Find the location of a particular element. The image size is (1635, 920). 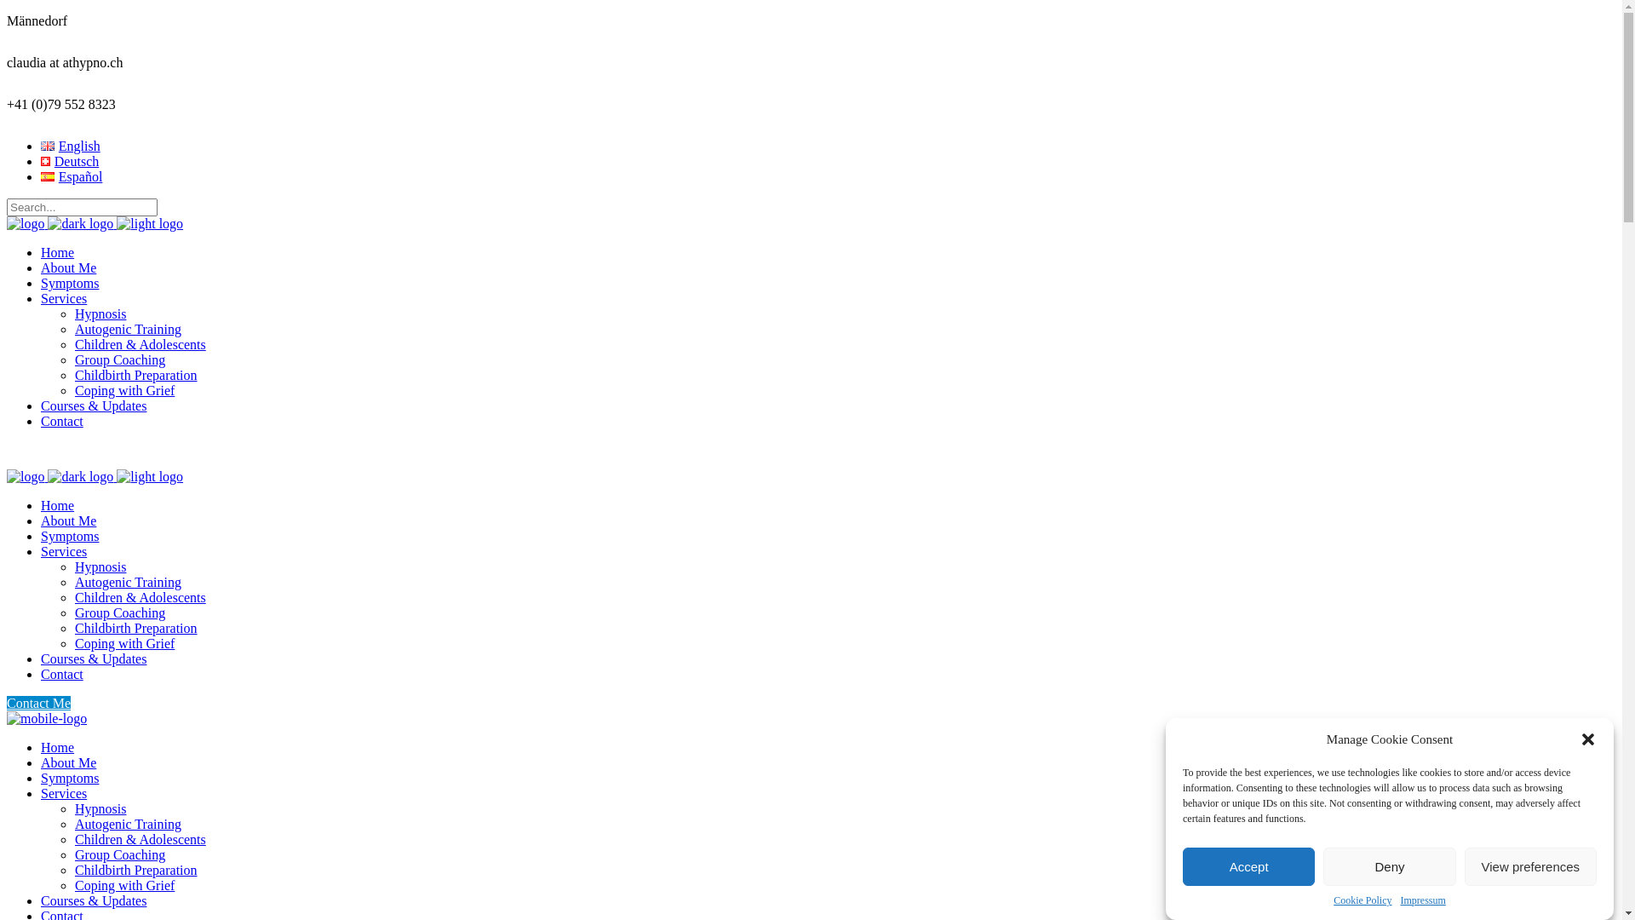

'Hypnosis' is located at coordinates (73, 808).